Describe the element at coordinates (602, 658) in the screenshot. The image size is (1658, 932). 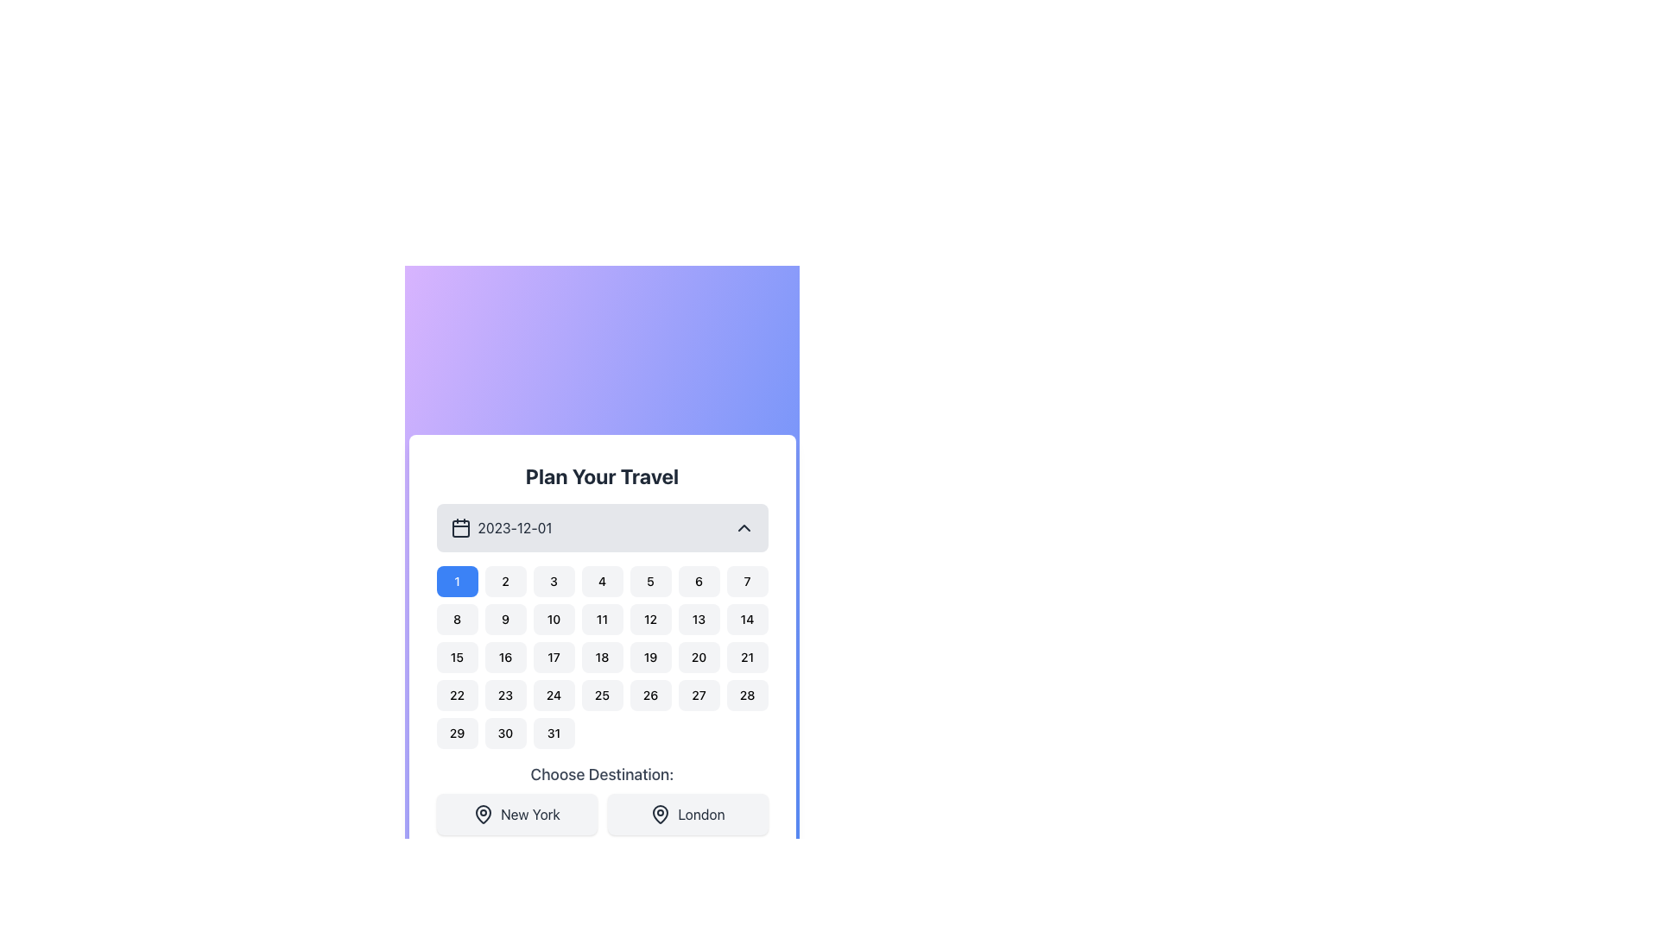
I see `the day in the Calendar grid element` at that location.